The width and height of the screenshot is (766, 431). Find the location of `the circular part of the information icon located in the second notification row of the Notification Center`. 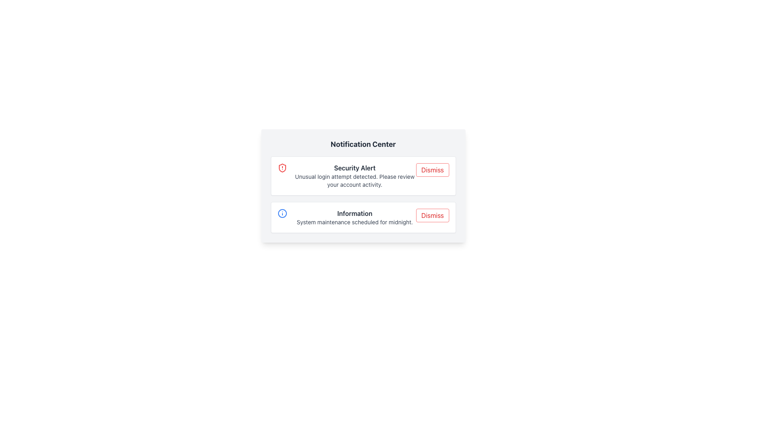

the circular part of the information icon located in the second notification row of the Notification Center is located at coordinates (282, 213).